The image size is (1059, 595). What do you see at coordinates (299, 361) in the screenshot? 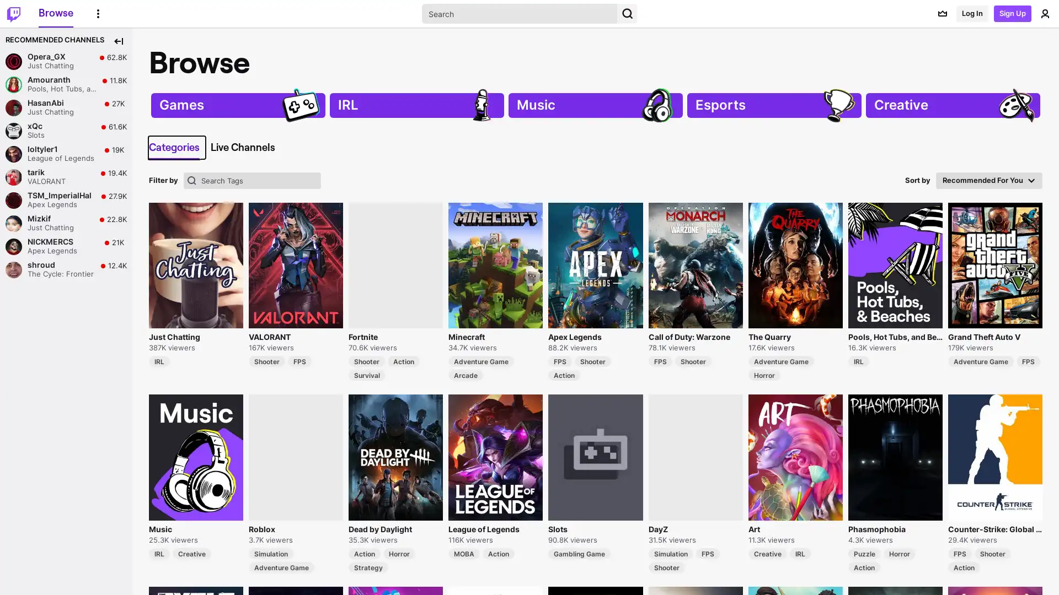
I see `FPS` at bounding box center [299, 361].